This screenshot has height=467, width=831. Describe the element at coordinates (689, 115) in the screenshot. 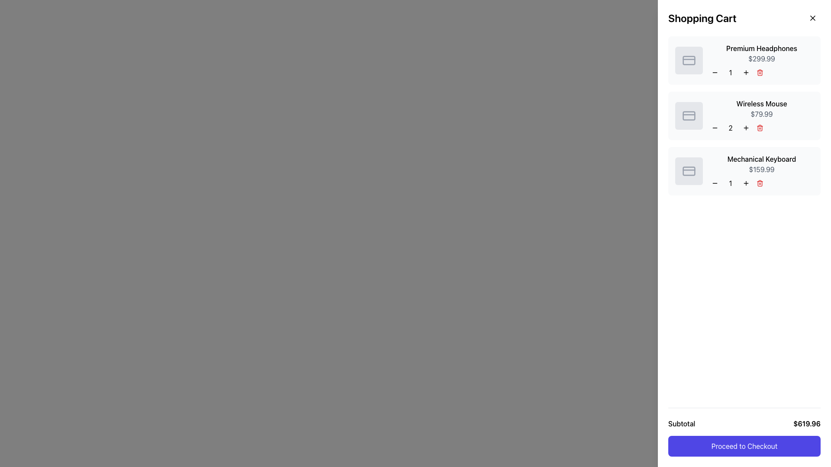

I see `the product image/icon representing 'Wireless Mouse' in the shopping cart list, which is the left-most component adjacent to the product's name and price` at that location.